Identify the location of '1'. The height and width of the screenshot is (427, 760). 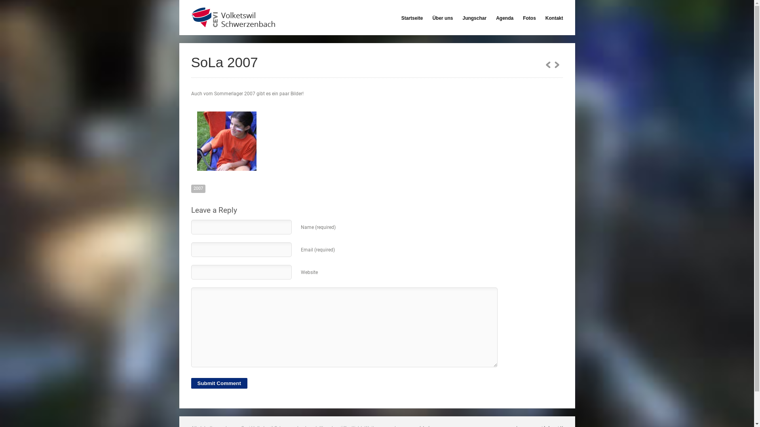
(556, 64).